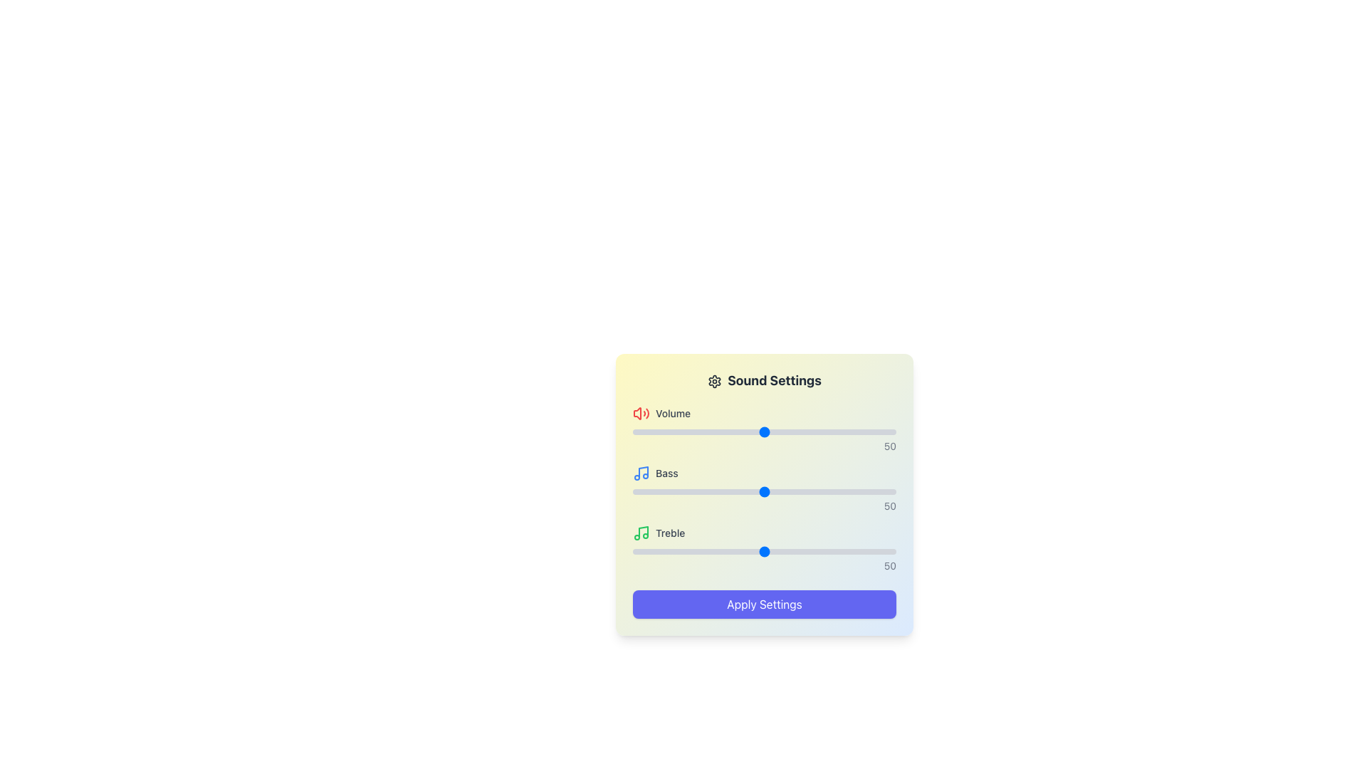  Describe the element at coordinates (848, 431) in the screenshot. I see `the volume level` at that location.